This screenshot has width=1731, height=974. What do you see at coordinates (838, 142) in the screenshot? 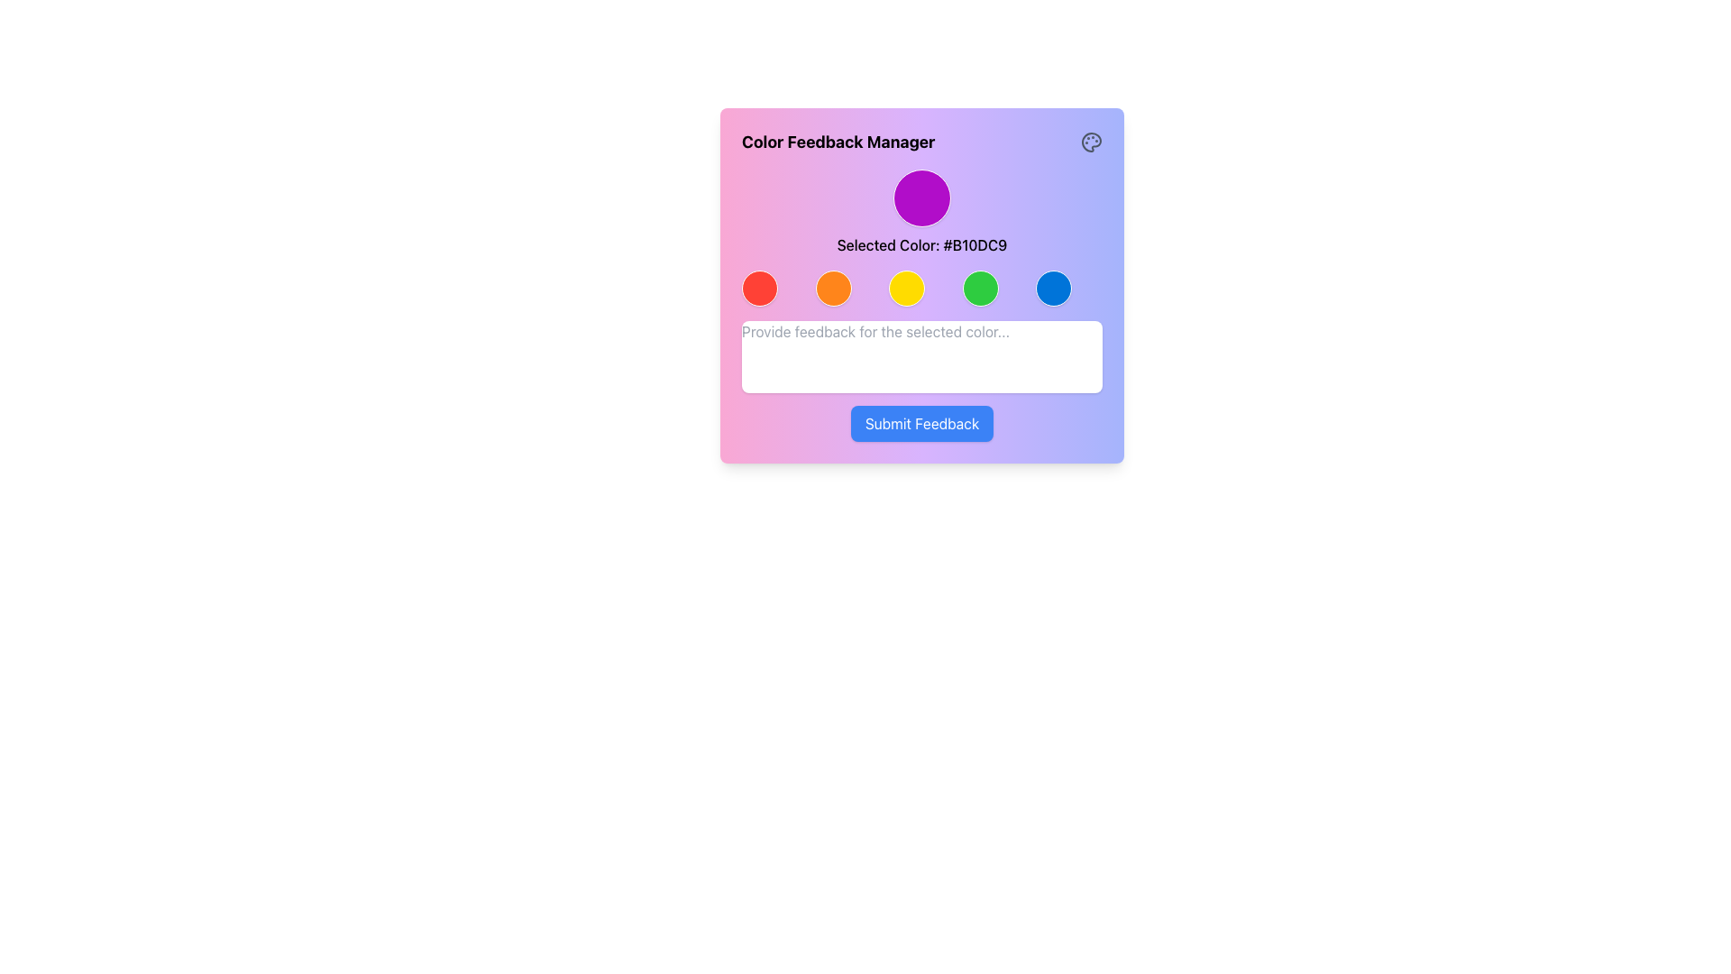
I see `the text label displaying 'Color Feedback Manager' in bold font at the top-left of the colorful dialog box` at bounding box center [838, 142].